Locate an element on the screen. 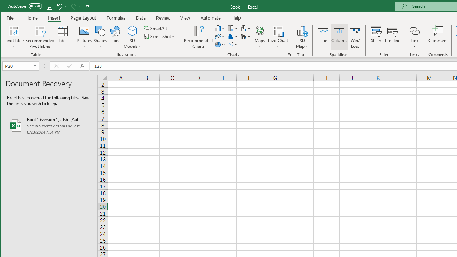 This screenshot has width=457, height=257. '3D Models' is located at coordinates (132, 37).